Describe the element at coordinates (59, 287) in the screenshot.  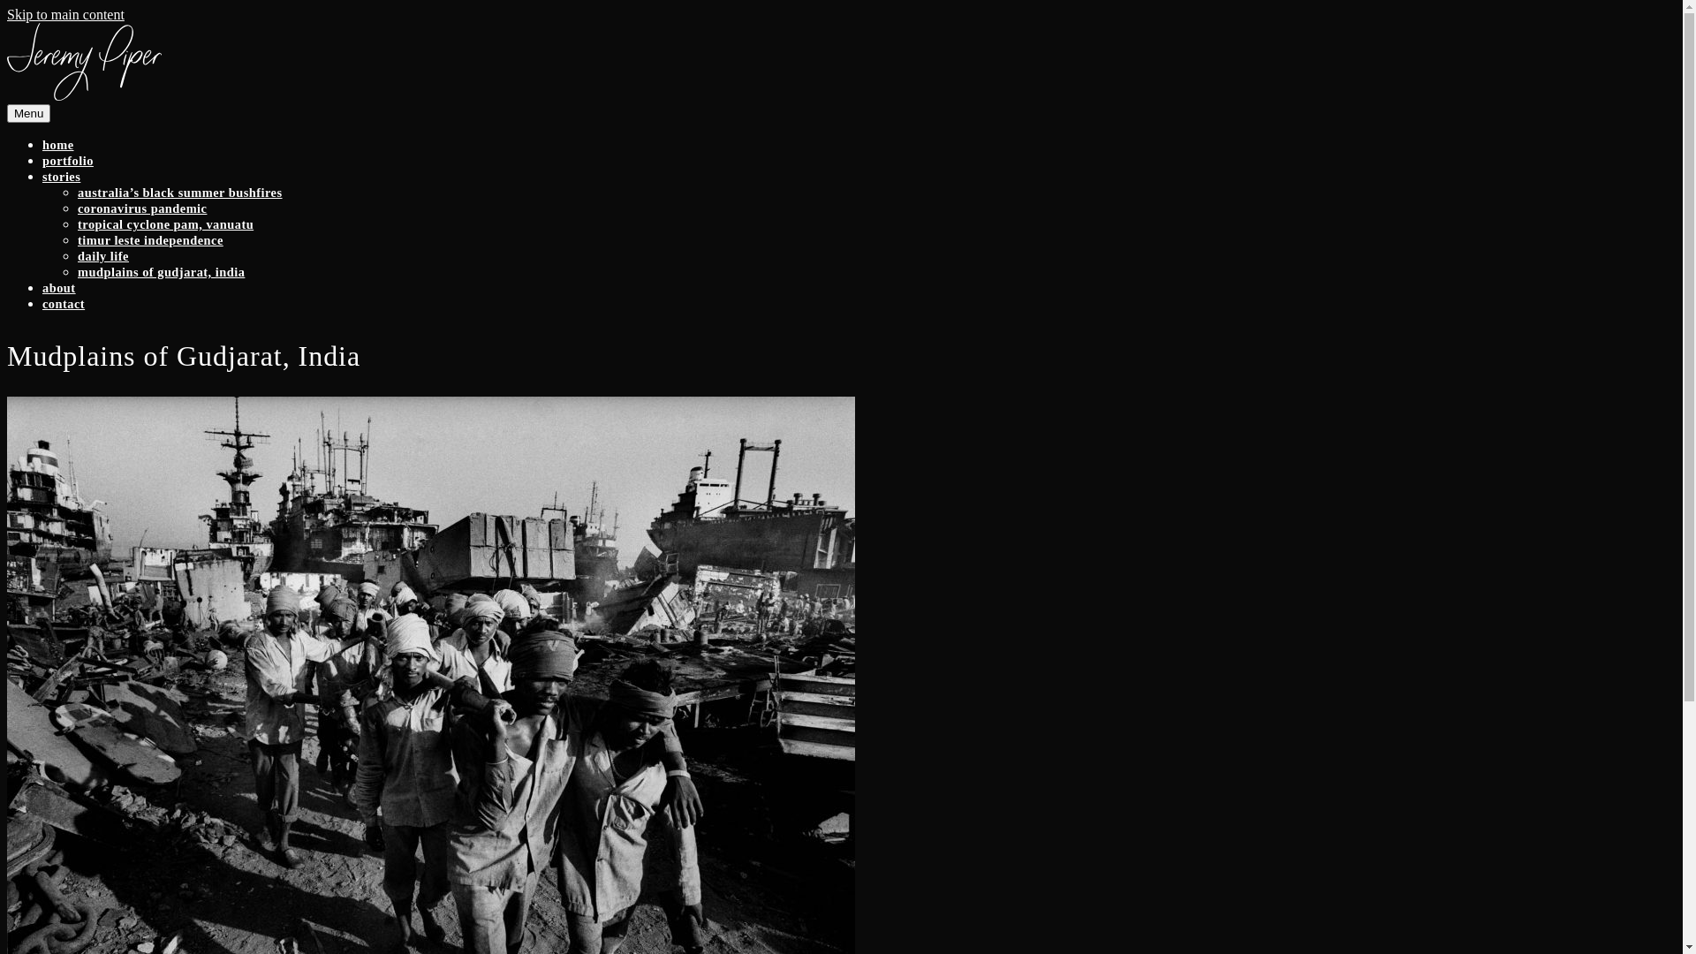
I see `'about'` at that location.